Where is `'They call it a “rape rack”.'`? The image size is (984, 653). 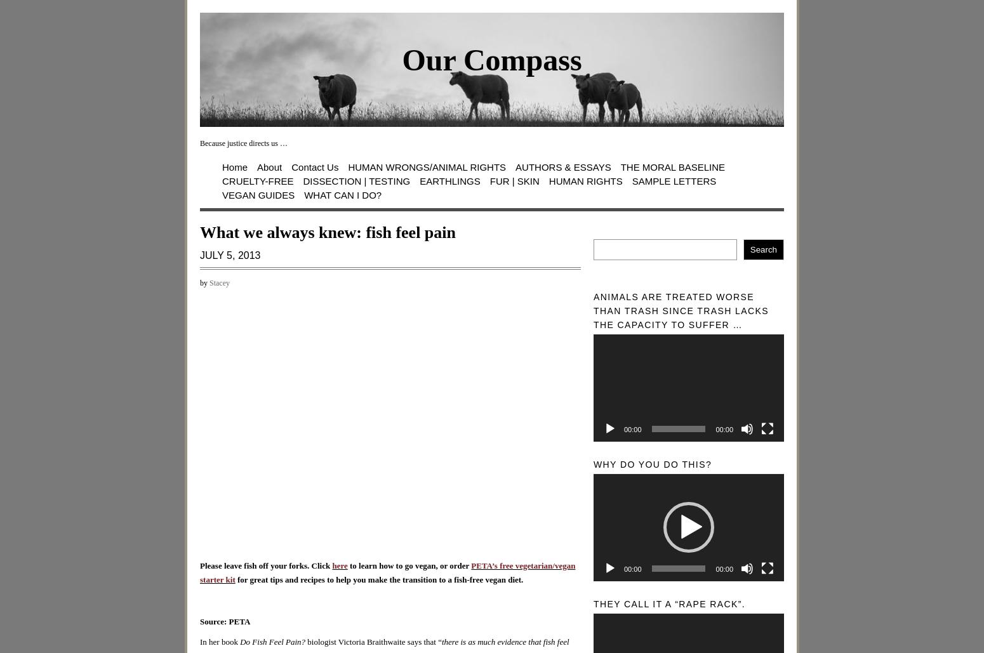
'They call it a “rape rack”.' is located at coordinates (669, 604).